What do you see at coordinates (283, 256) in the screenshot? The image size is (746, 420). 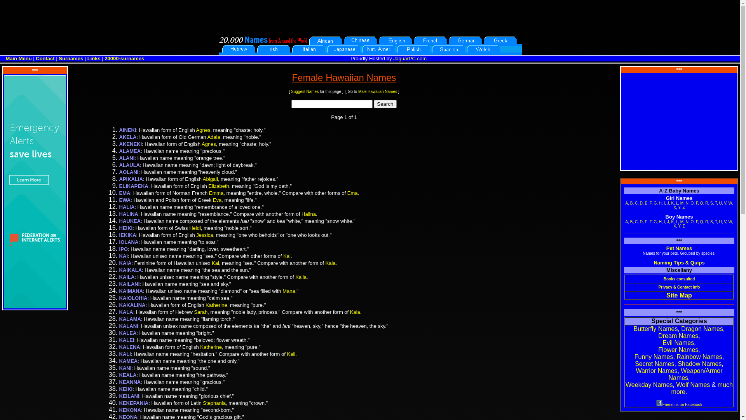 I see `'Kai'` at bounding box center [283, 256].